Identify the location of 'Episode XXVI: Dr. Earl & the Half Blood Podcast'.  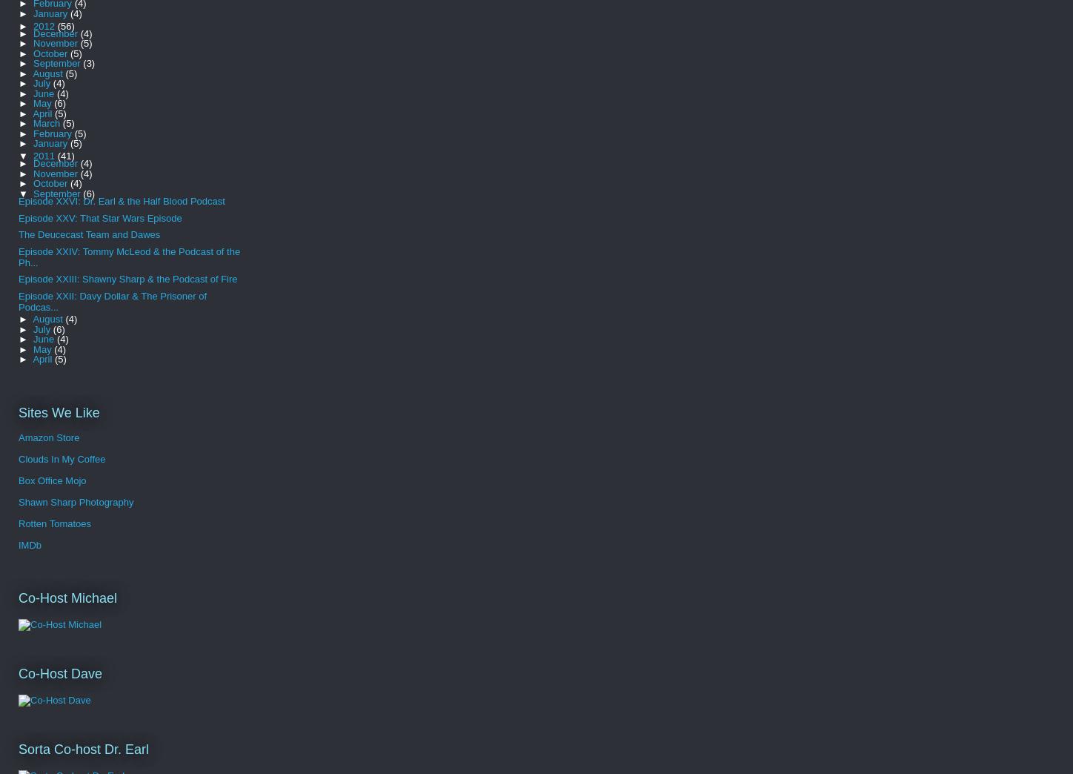
(19, 200).